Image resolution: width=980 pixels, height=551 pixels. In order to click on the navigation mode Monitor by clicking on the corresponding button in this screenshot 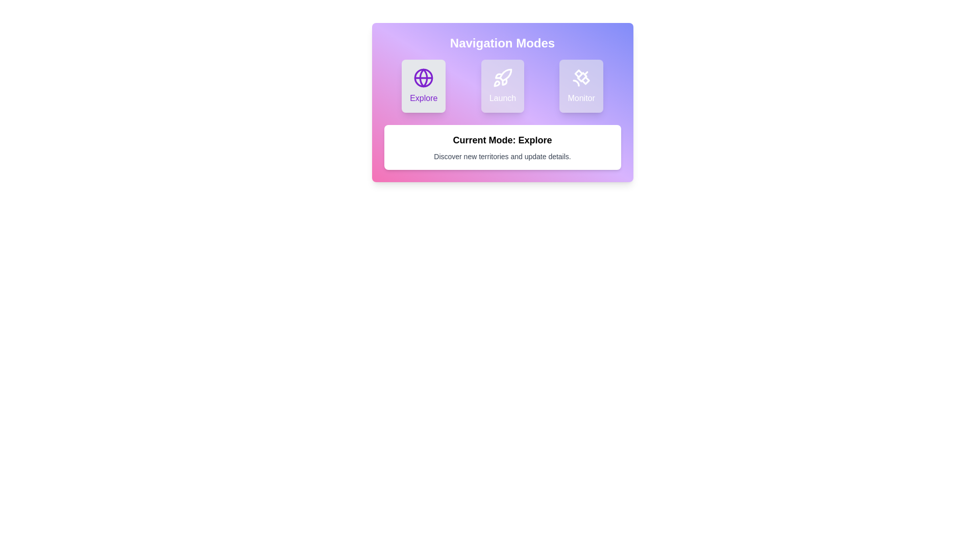, I will do `click(581, 86)`.